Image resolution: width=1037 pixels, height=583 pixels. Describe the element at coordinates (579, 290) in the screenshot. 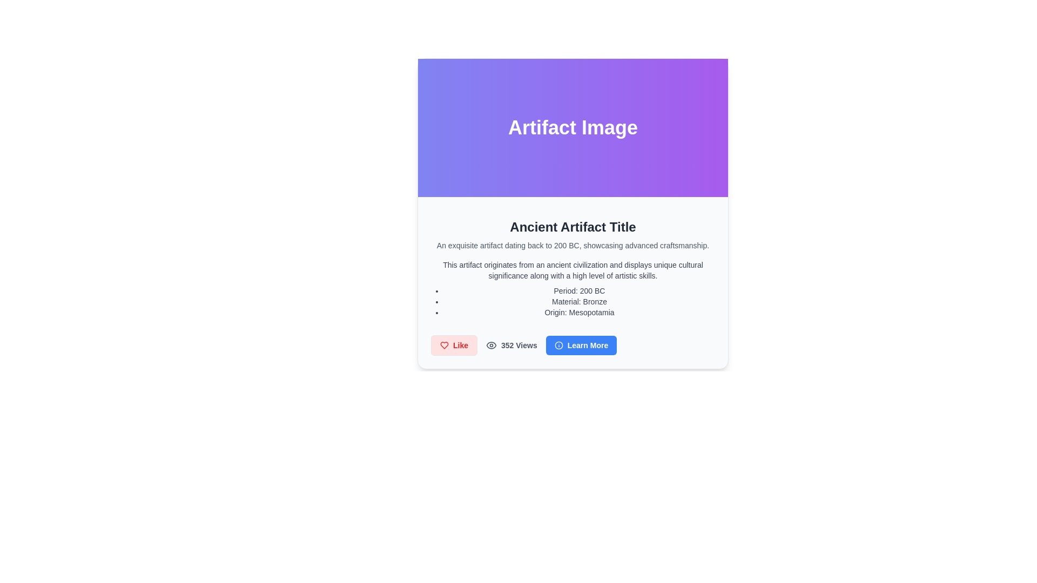

I see `static text label that displays 'Period: 200 BC', which is the first item in a bulleted list positioned below the title and description of the artifact` at that location.